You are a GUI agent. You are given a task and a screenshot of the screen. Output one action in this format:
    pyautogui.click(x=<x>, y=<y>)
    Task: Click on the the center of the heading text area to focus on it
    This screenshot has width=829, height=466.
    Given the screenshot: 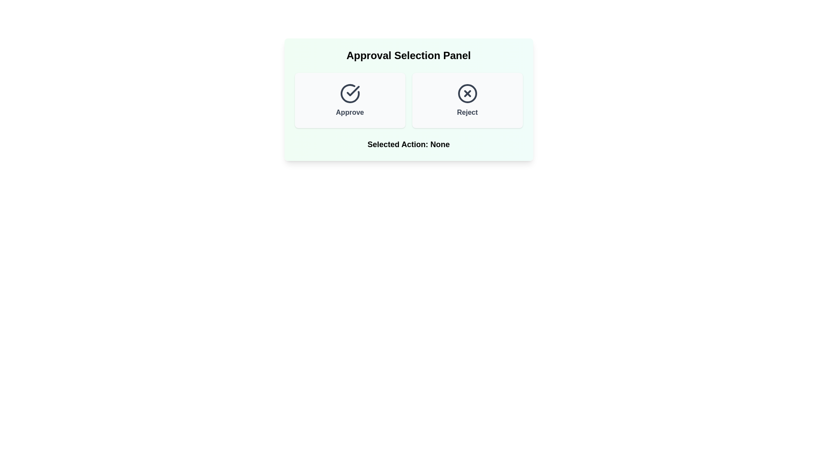 What is the action you would take?
    pyautogui.click(x=408, y=55)
    